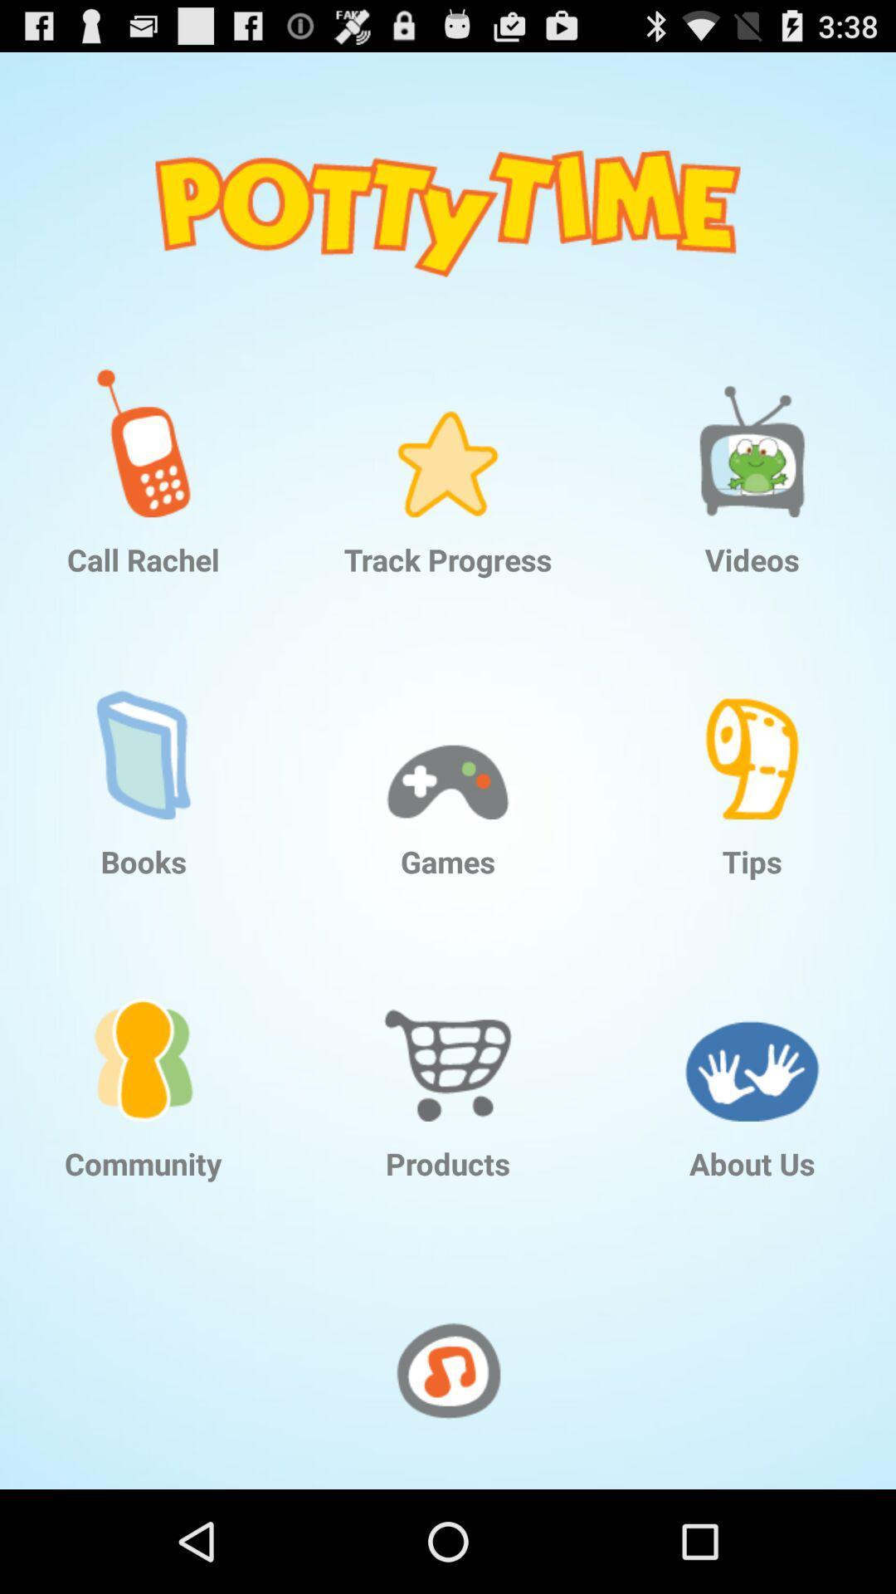 This screenshot has width=896, height=1594. What do you see at coordinates (143, 430) in the screenshot?
I see `item next to the track progress app` at bounding box center [143, 430].